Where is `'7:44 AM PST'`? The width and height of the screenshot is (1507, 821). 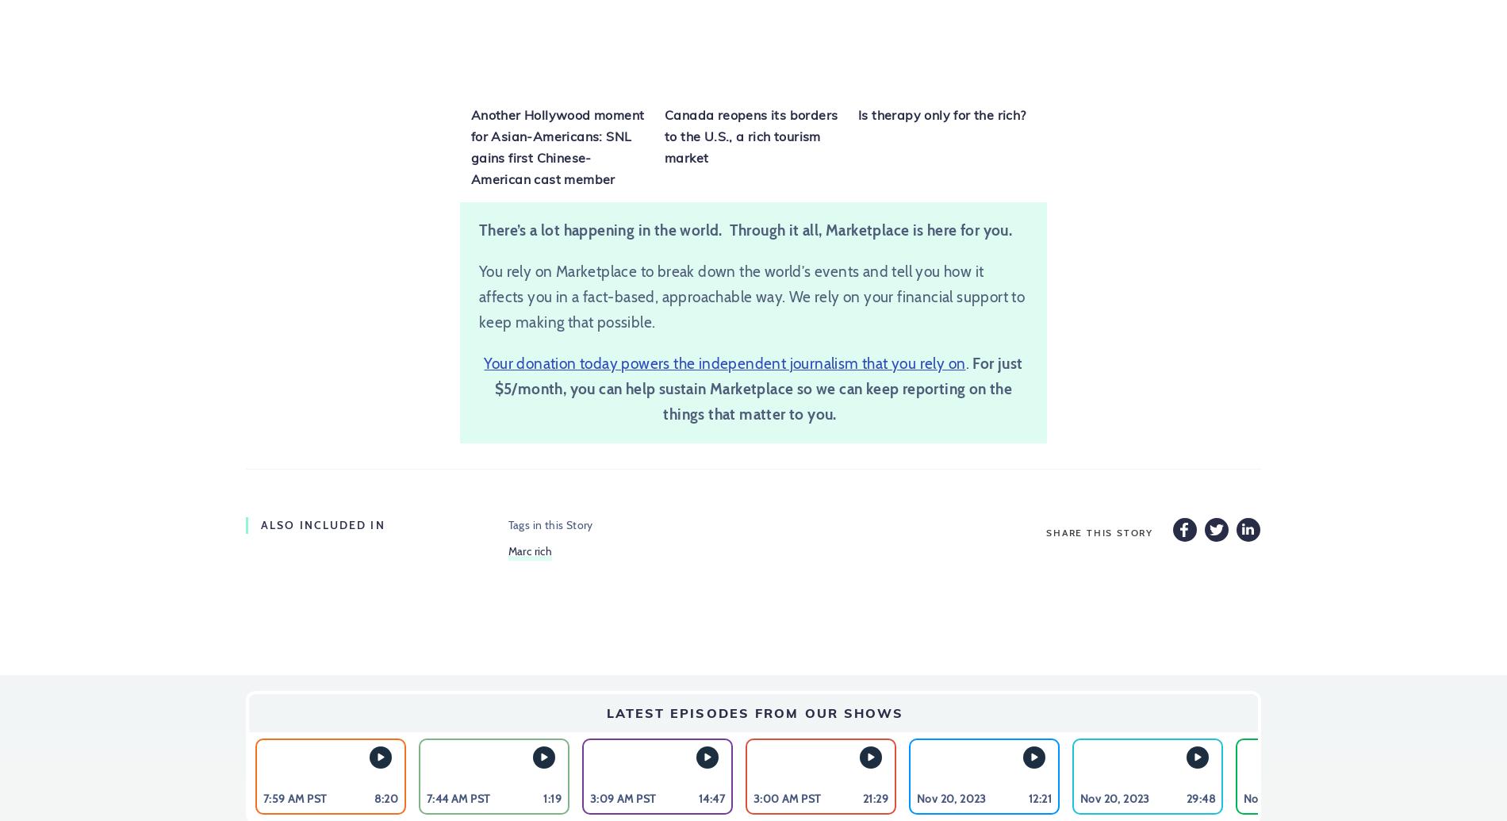
'7:44 AM PST' is located at coordinates (427, 797).